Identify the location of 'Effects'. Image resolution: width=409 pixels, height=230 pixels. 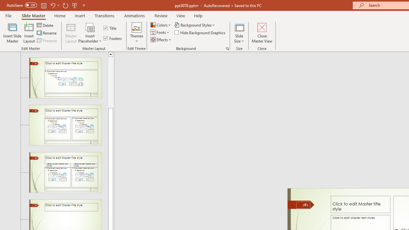
(161, 40).